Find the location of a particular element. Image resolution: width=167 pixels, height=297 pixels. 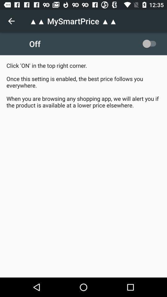

item to the right of the off is located at coordinates (150, 43).